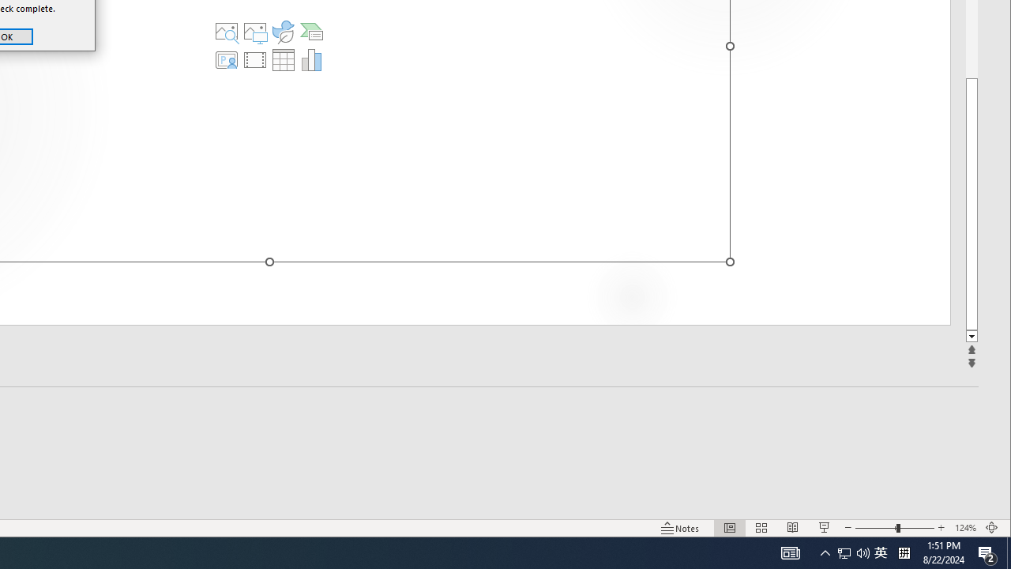  I want to click on 'Stock Images', so click(226, 31).